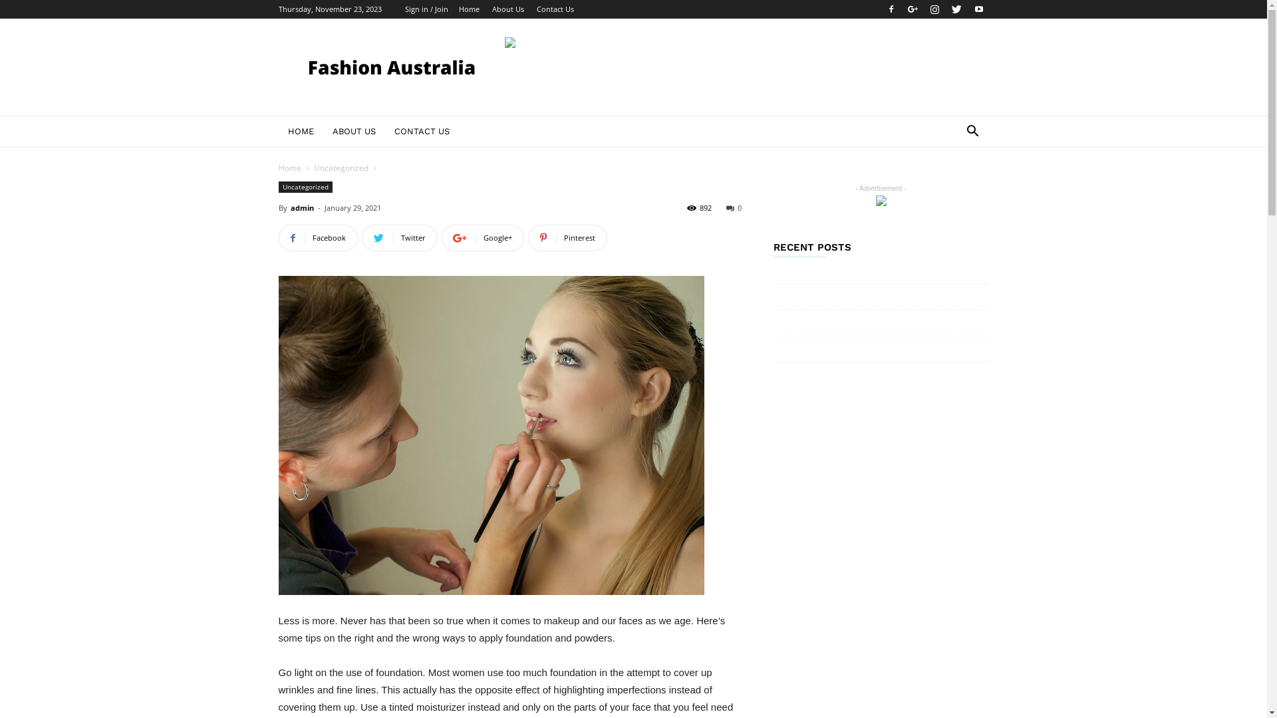  I want to click on 'Search', so click(928, 184).